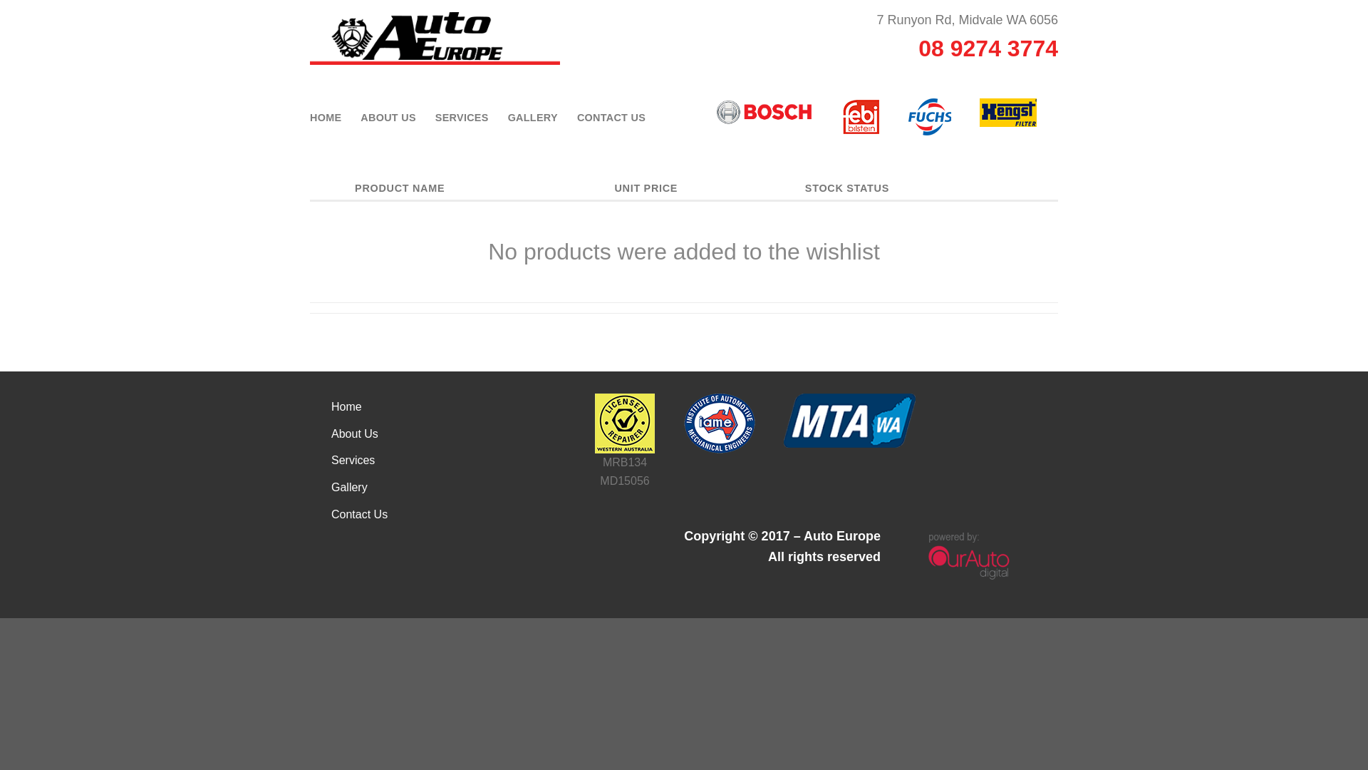  What do you see at coordinates (434, 38) in the screenshot?
I see `'Auto Europe - Automotive Services'` at bounding box center [434, 38].